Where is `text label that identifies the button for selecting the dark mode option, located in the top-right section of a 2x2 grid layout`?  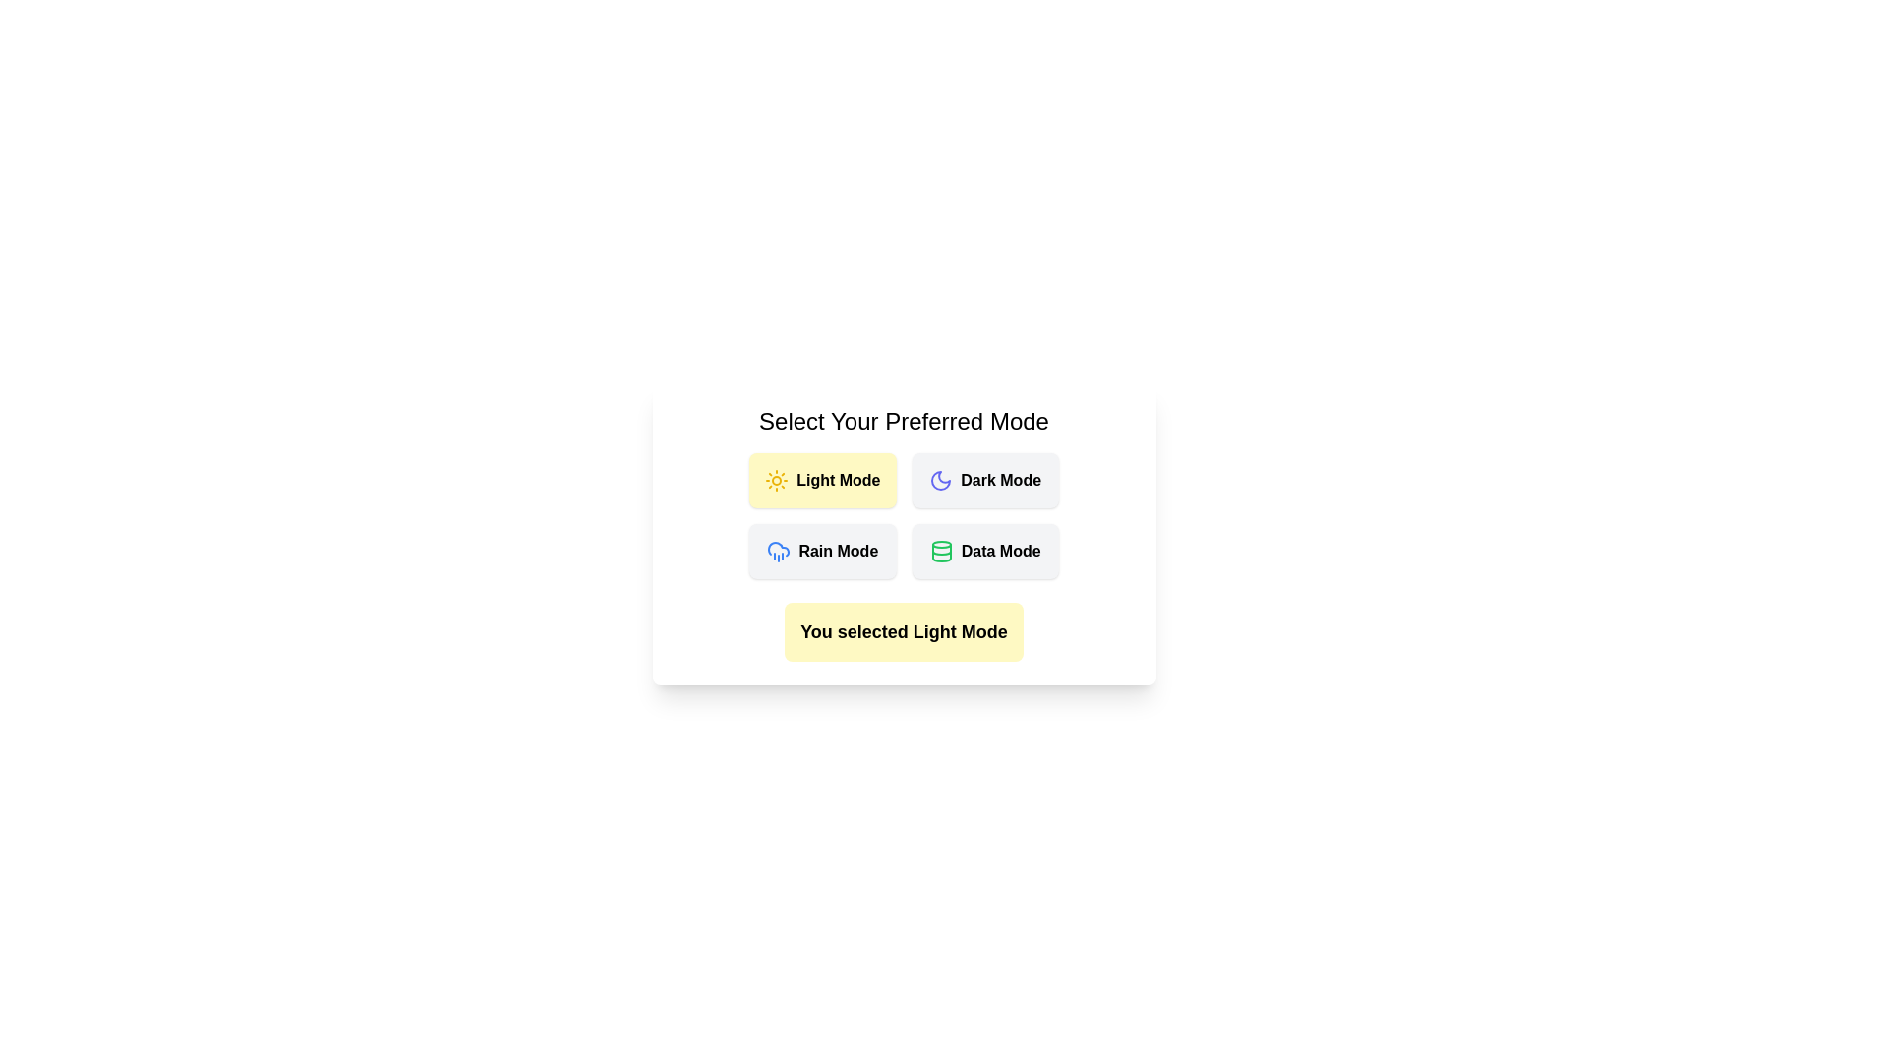 text label that identifies the button for selecting the dark mode option, located in the top-right section of a 2x2 grid layout is located at coordinates (1001, 481).